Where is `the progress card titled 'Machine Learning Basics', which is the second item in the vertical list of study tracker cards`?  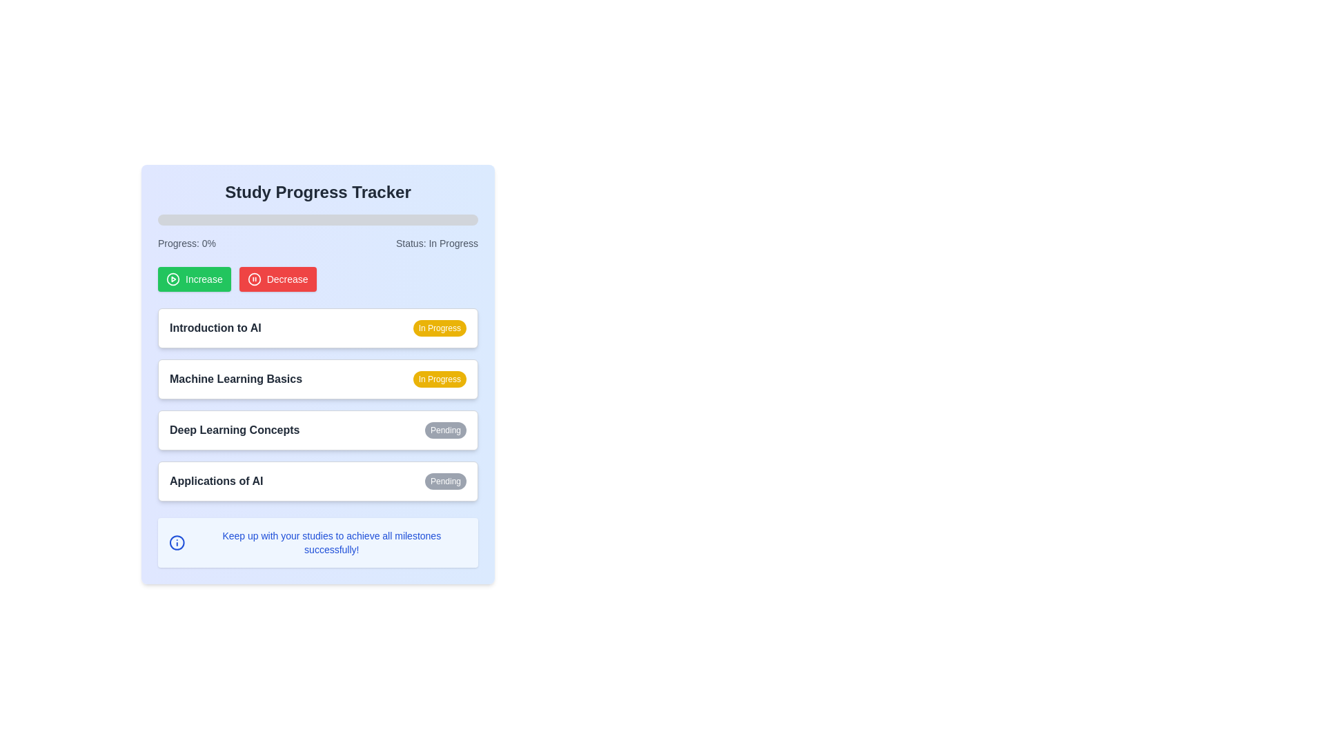
the progress card titled 'Machine Learning Basics', which is the second item in the vertical list of study tracker cards is located at coordinates (317, 379).